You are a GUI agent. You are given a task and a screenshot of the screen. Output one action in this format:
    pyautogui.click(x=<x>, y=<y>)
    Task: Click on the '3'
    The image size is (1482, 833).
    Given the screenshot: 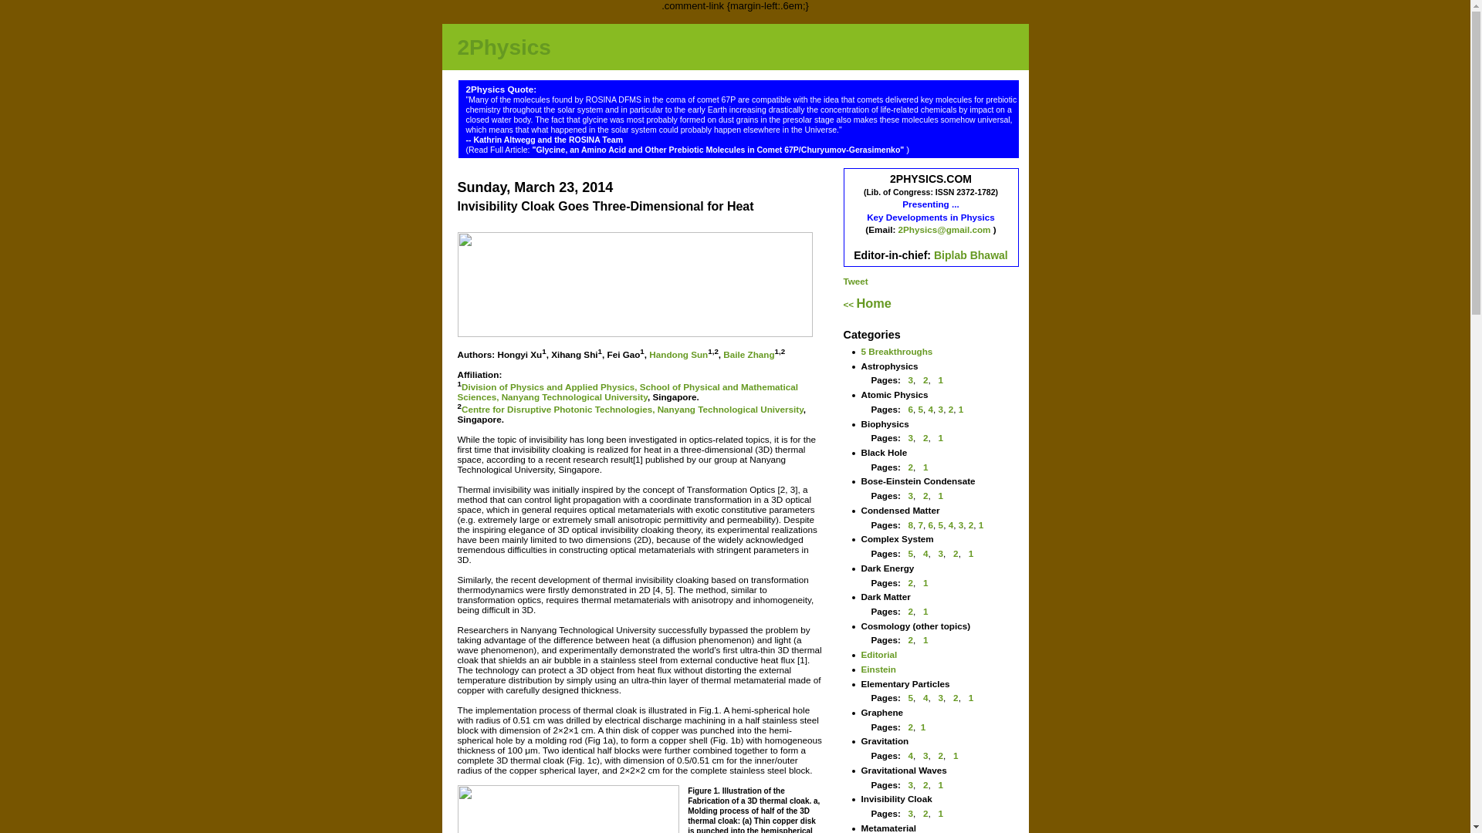 What is the action you would take?
    pyautogui.click(x=940, y=552)
    